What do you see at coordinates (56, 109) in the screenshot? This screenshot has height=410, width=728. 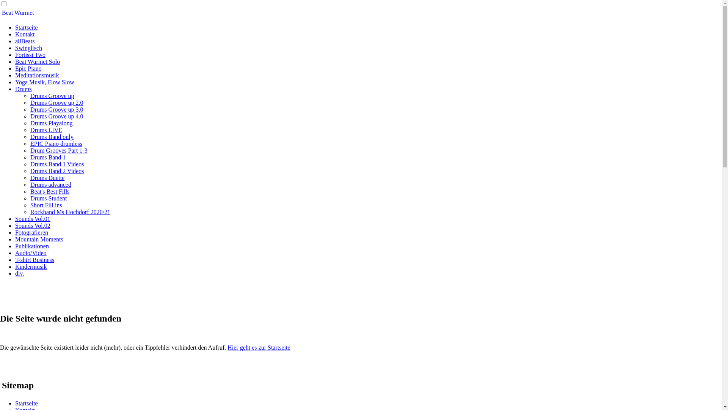 I see `'Drums Groove up 3.0'` at bounding box center [56, 109].